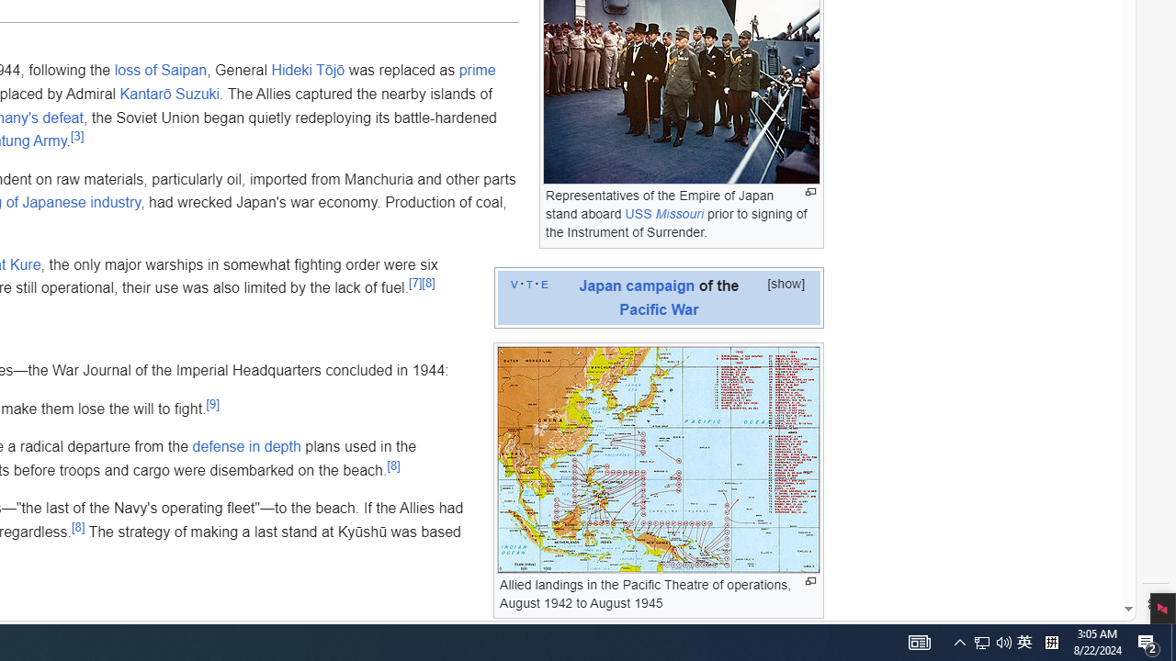 Image resolution: width=1176 pixels, height=661 pixels. What do you see at coordinates (161, 69) in the screenshot?
I see `'loss of Saipan'` at bounding box center [161, 69].